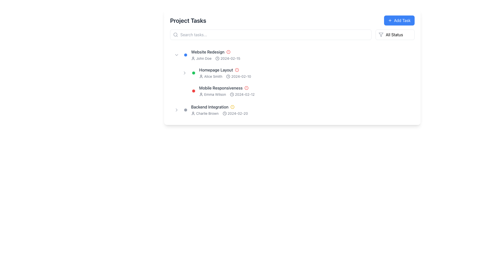 The width and height of the screenshot is (481, 270). I want to click on the appearance of the alert icon, which is a yellow circle with a centered exclamation mark located to the right of the text 'Backend Integration', so click(232, 107).